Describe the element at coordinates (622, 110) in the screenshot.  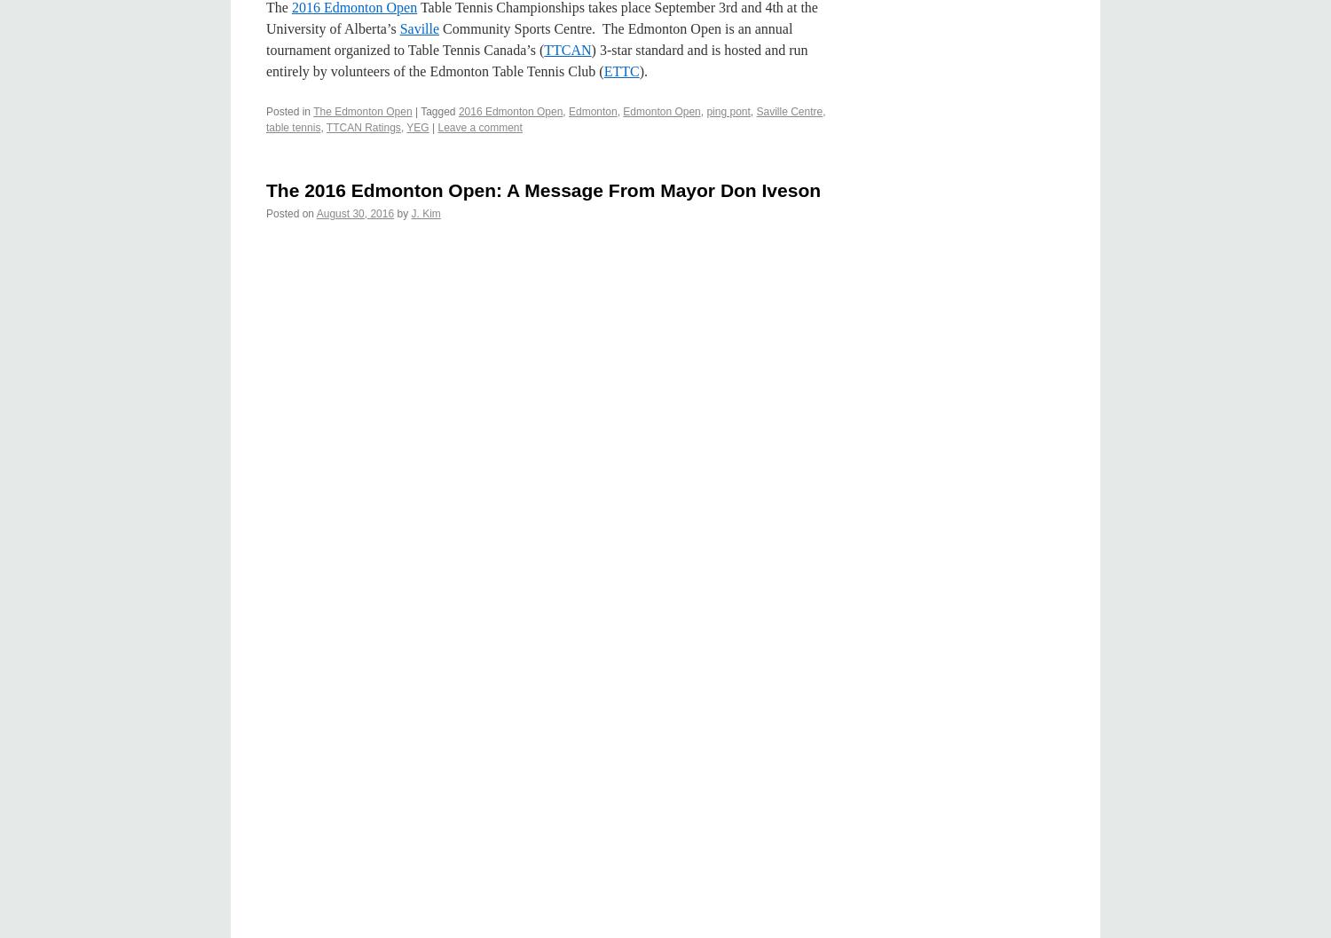
I see `'Edmonton Open'` at that location.